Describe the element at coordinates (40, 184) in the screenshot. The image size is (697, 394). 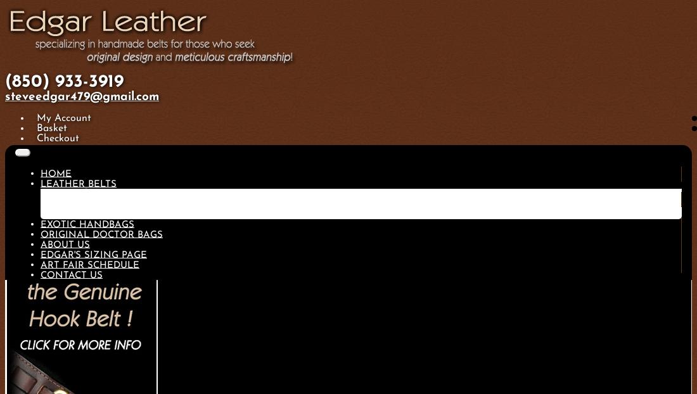
I see `'Leather Belts'` at that location.